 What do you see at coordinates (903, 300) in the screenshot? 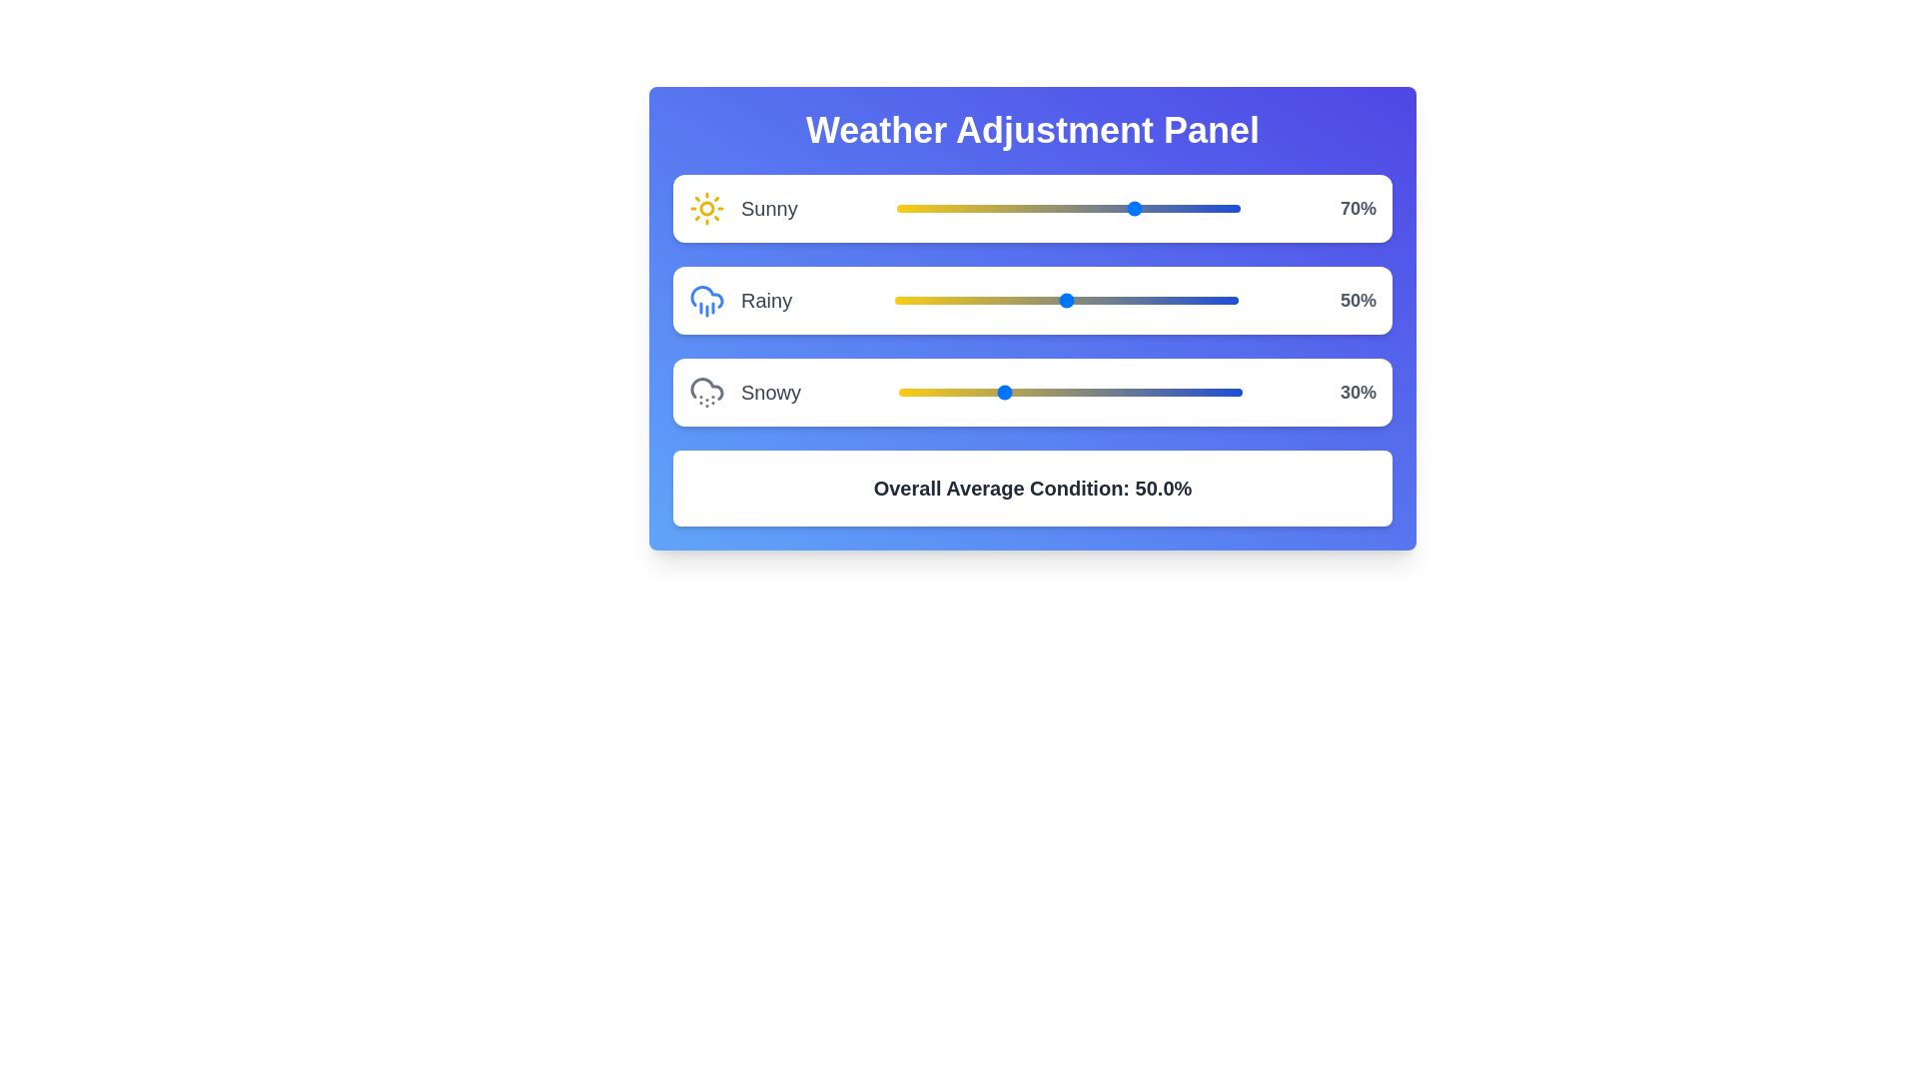
I see `the 'rainy' condition percentage` at bounding box center [903, 300].